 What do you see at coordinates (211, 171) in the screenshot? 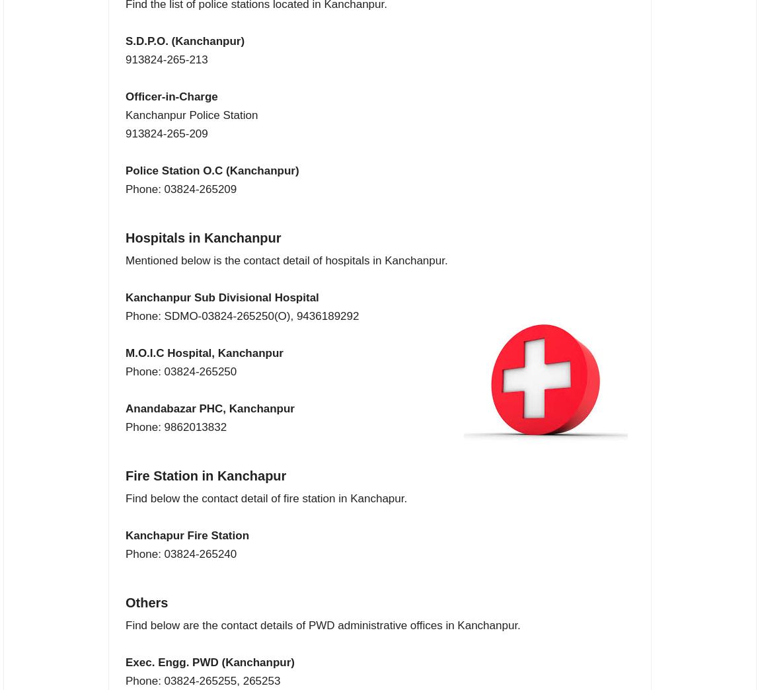
I see `'Police Station O.C (Kanchanpur)'` at bounding box center [211, 171].